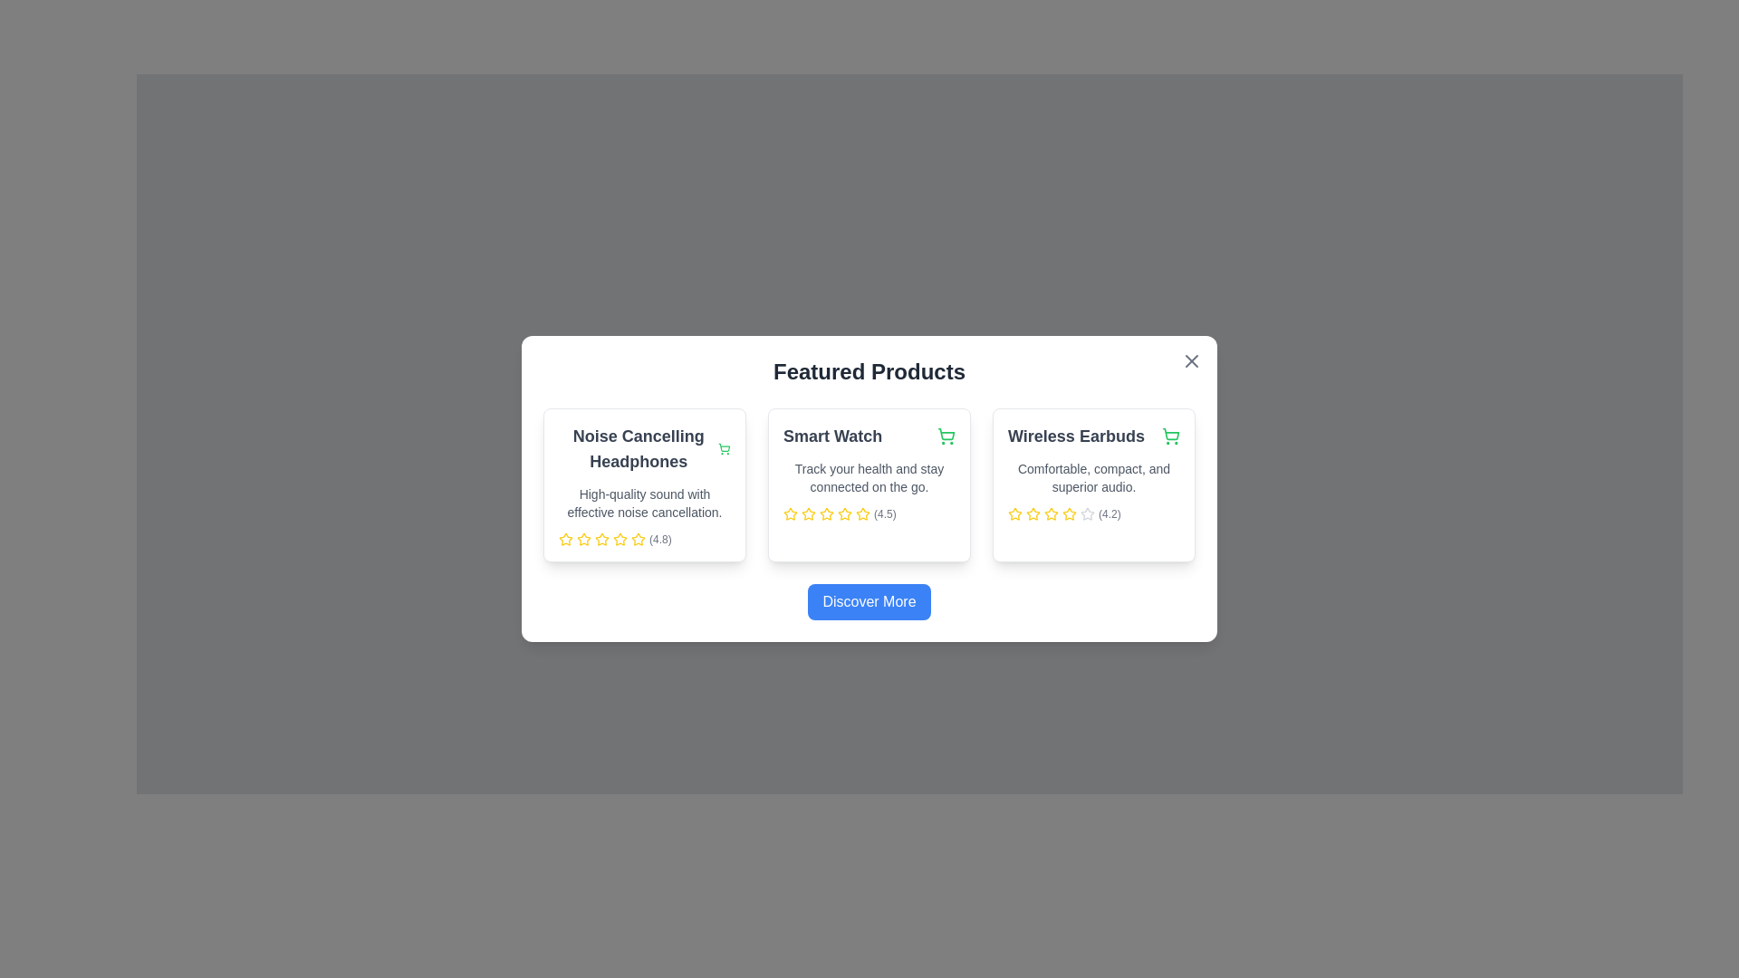 The width and height of the screenshot is (1739, 978). I want to click on the second yellow star icon with a dashed outline in the rating section of the 'Wireless Earbuds' card to rate it, so click(1013, 513).